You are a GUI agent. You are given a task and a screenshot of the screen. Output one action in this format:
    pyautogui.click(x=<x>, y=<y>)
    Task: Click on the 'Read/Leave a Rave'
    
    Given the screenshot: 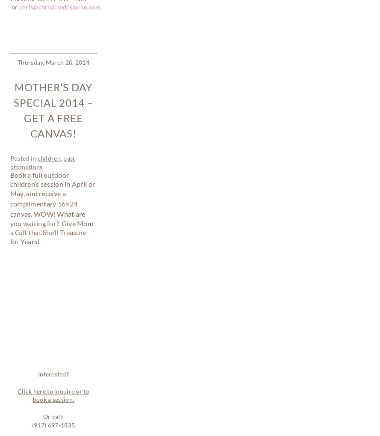 What is the action you would take?
    pyautogui.click(x=70, y=313)
    